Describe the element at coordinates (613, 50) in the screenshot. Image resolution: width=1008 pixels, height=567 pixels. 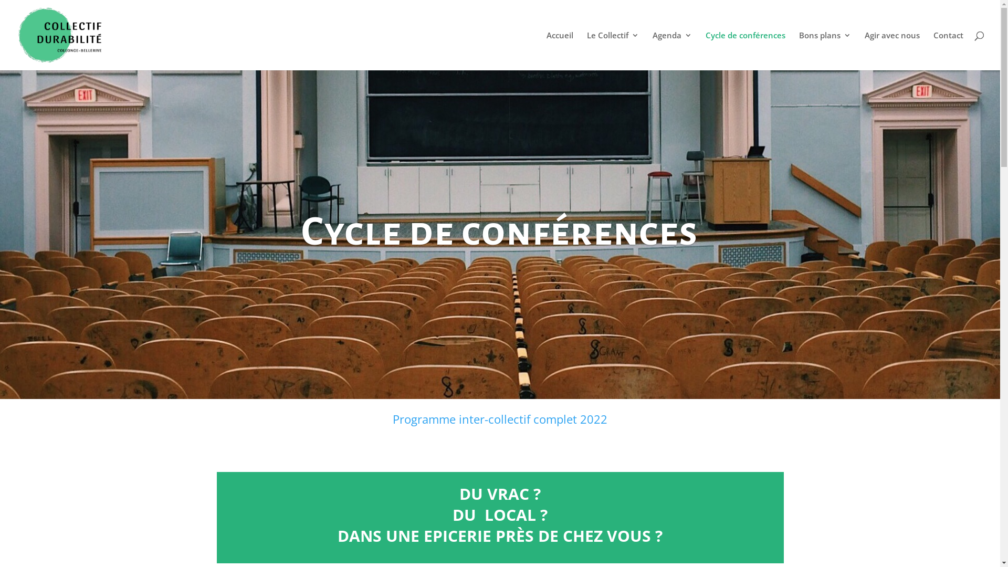
I see `'Le Collectif'` at that location.